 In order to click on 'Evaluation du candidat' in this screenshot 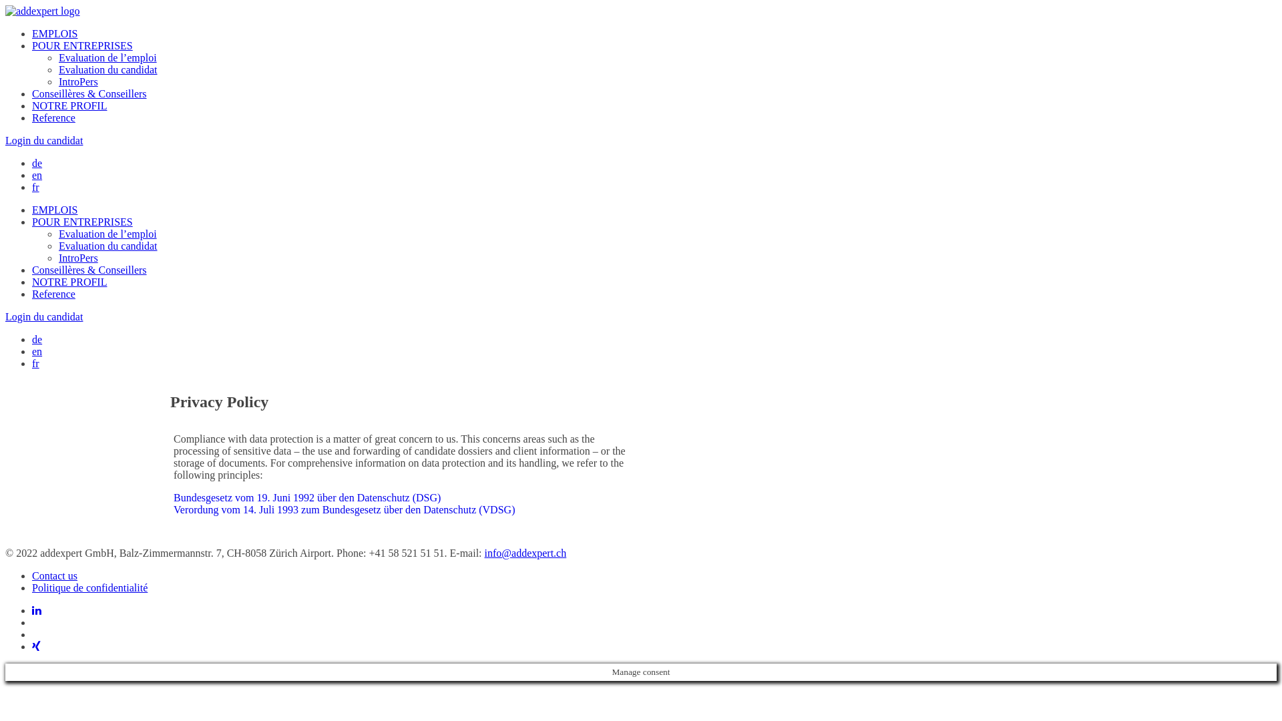, I will do `click(108, 246)`.